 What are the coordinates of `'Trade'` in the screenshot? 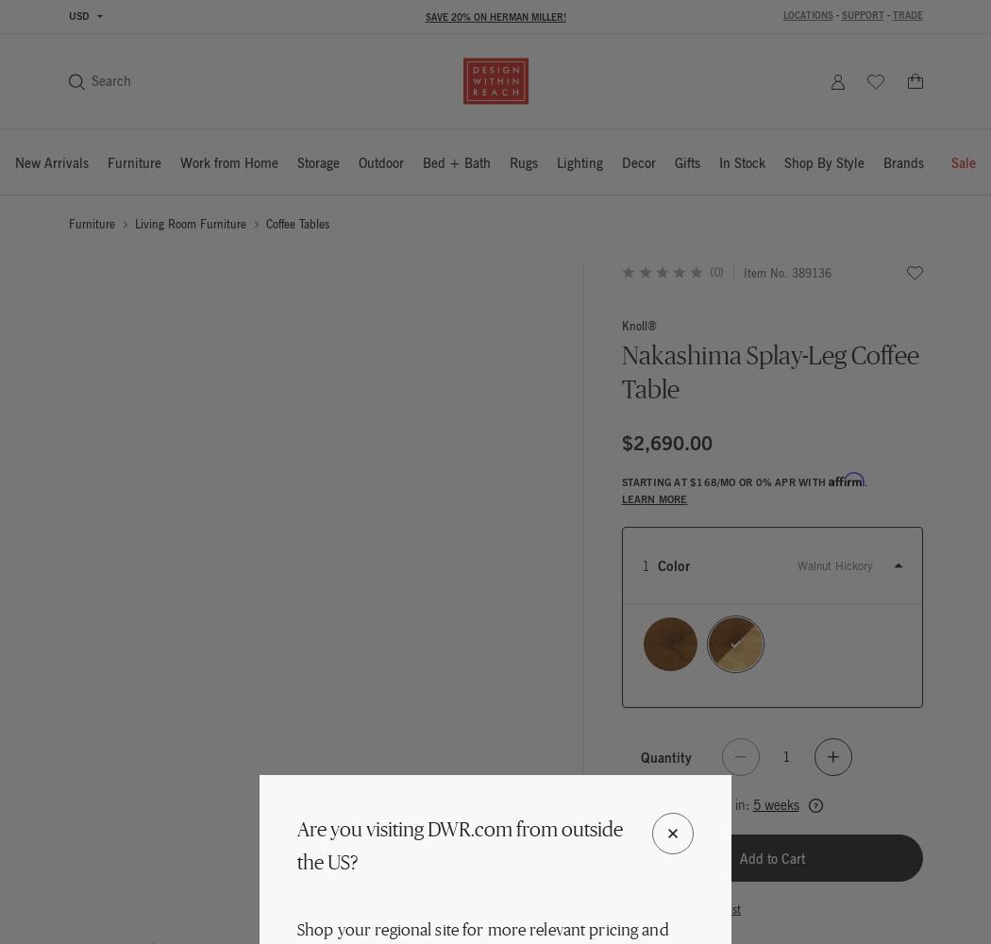 It's located at (905, 15).